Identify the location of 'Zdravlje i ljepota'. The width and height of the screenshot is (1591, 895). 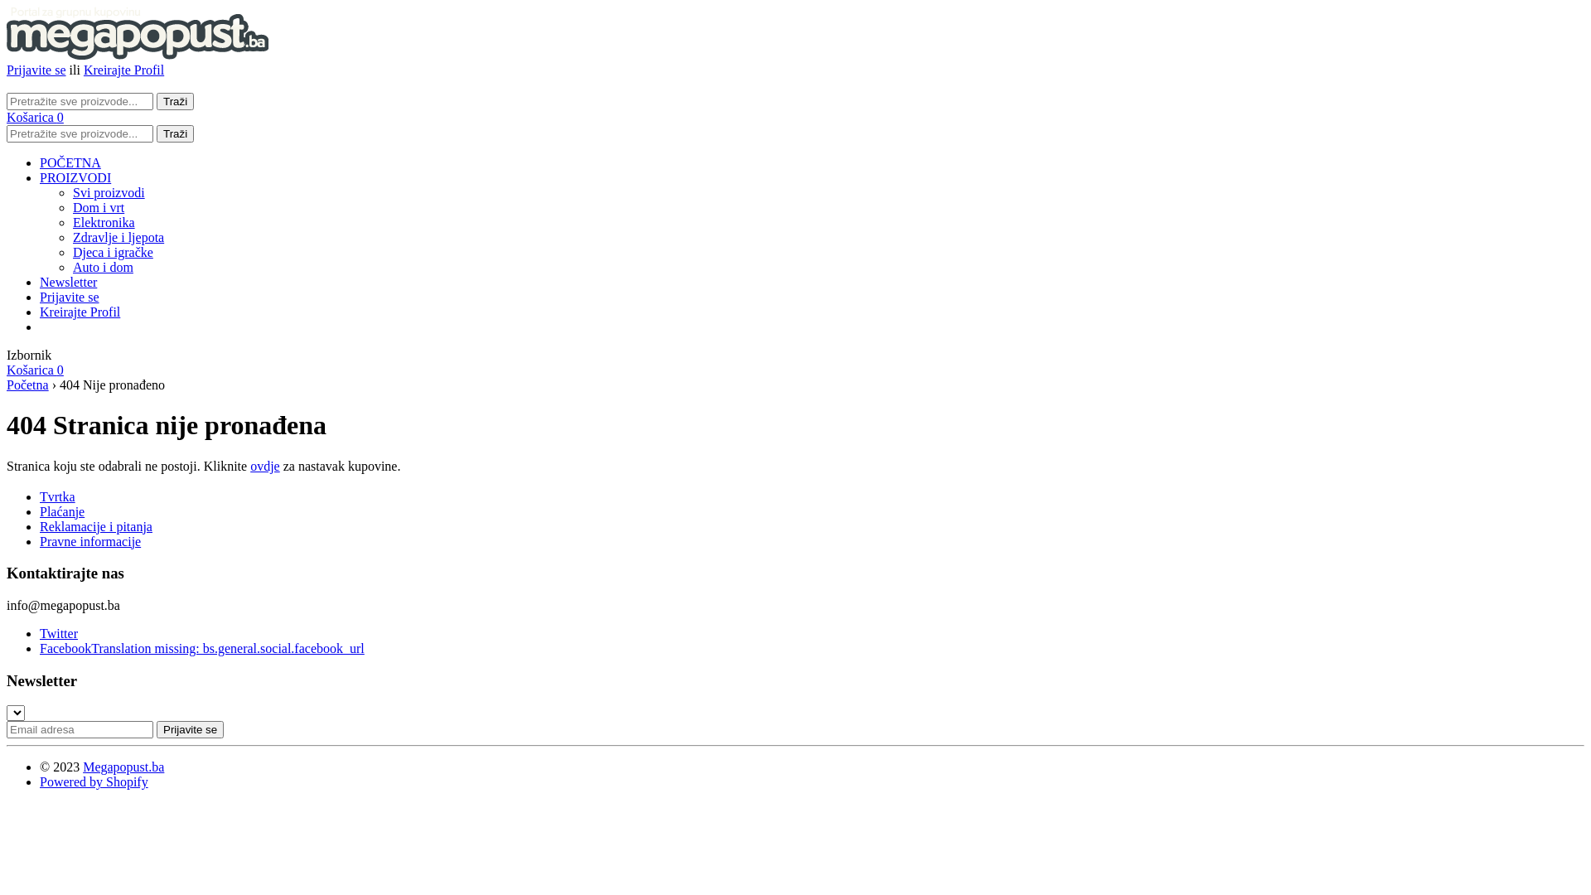
(118, 237).